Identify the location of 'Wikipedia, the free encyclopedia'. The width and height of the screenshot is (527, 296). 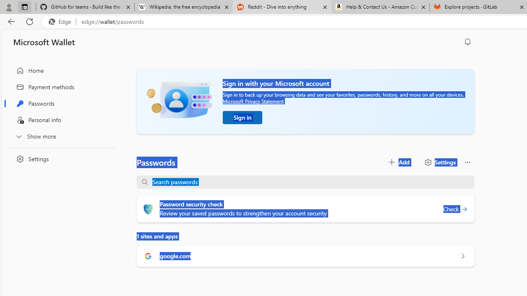
(183, 7).